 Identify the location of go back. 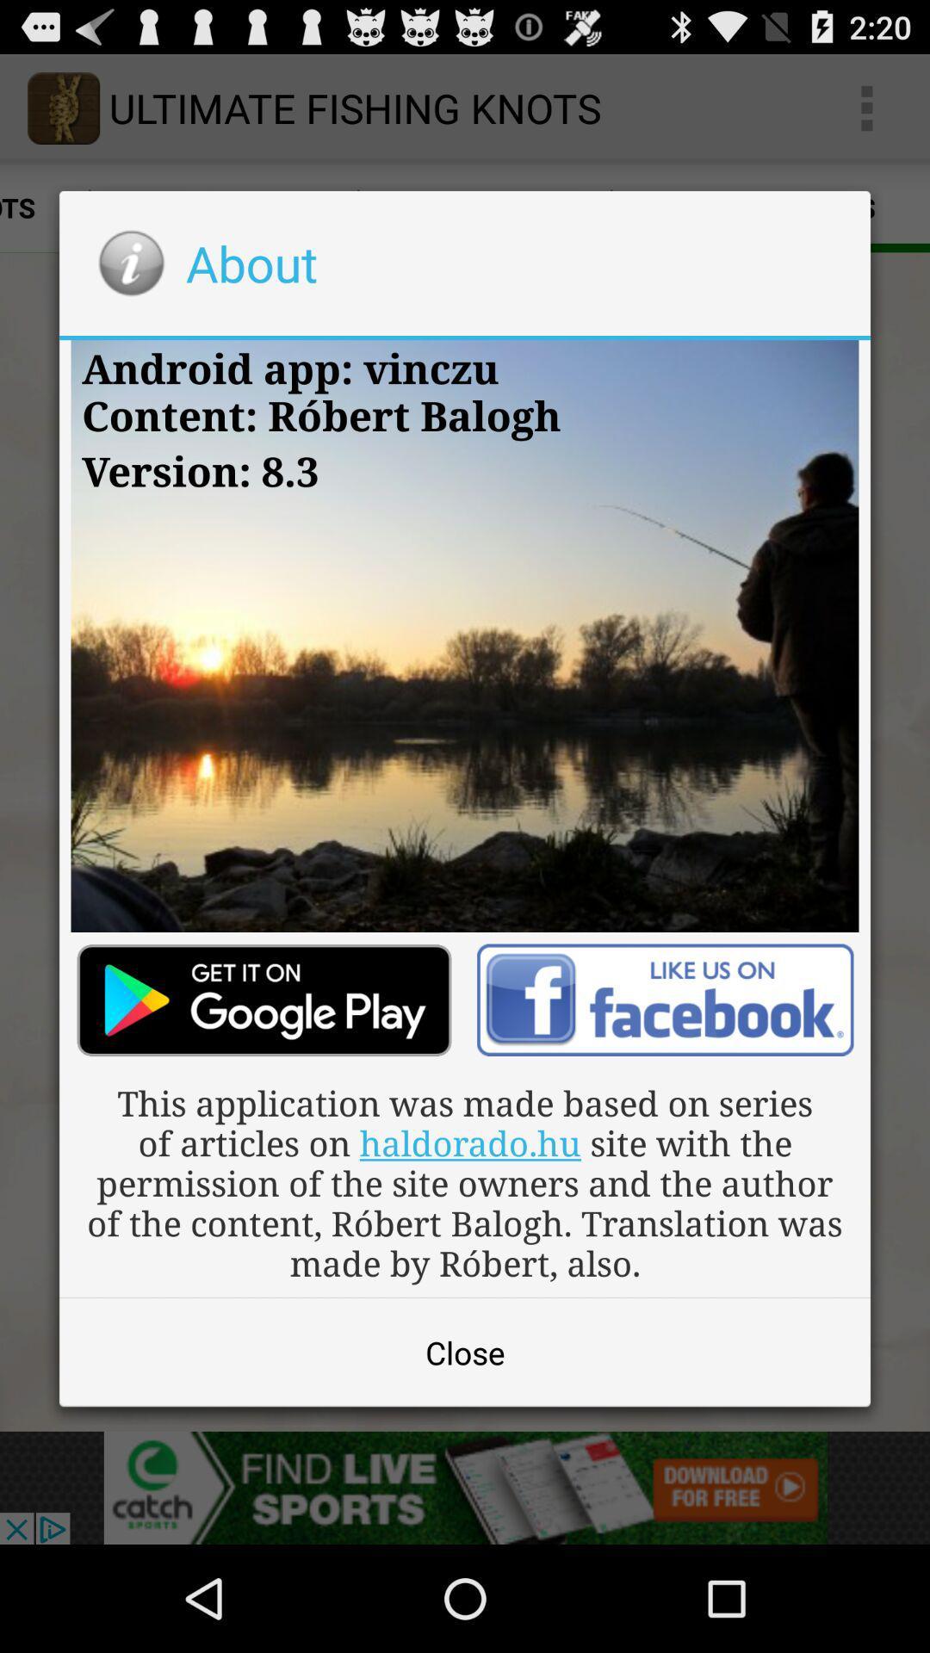
(664, 1000).